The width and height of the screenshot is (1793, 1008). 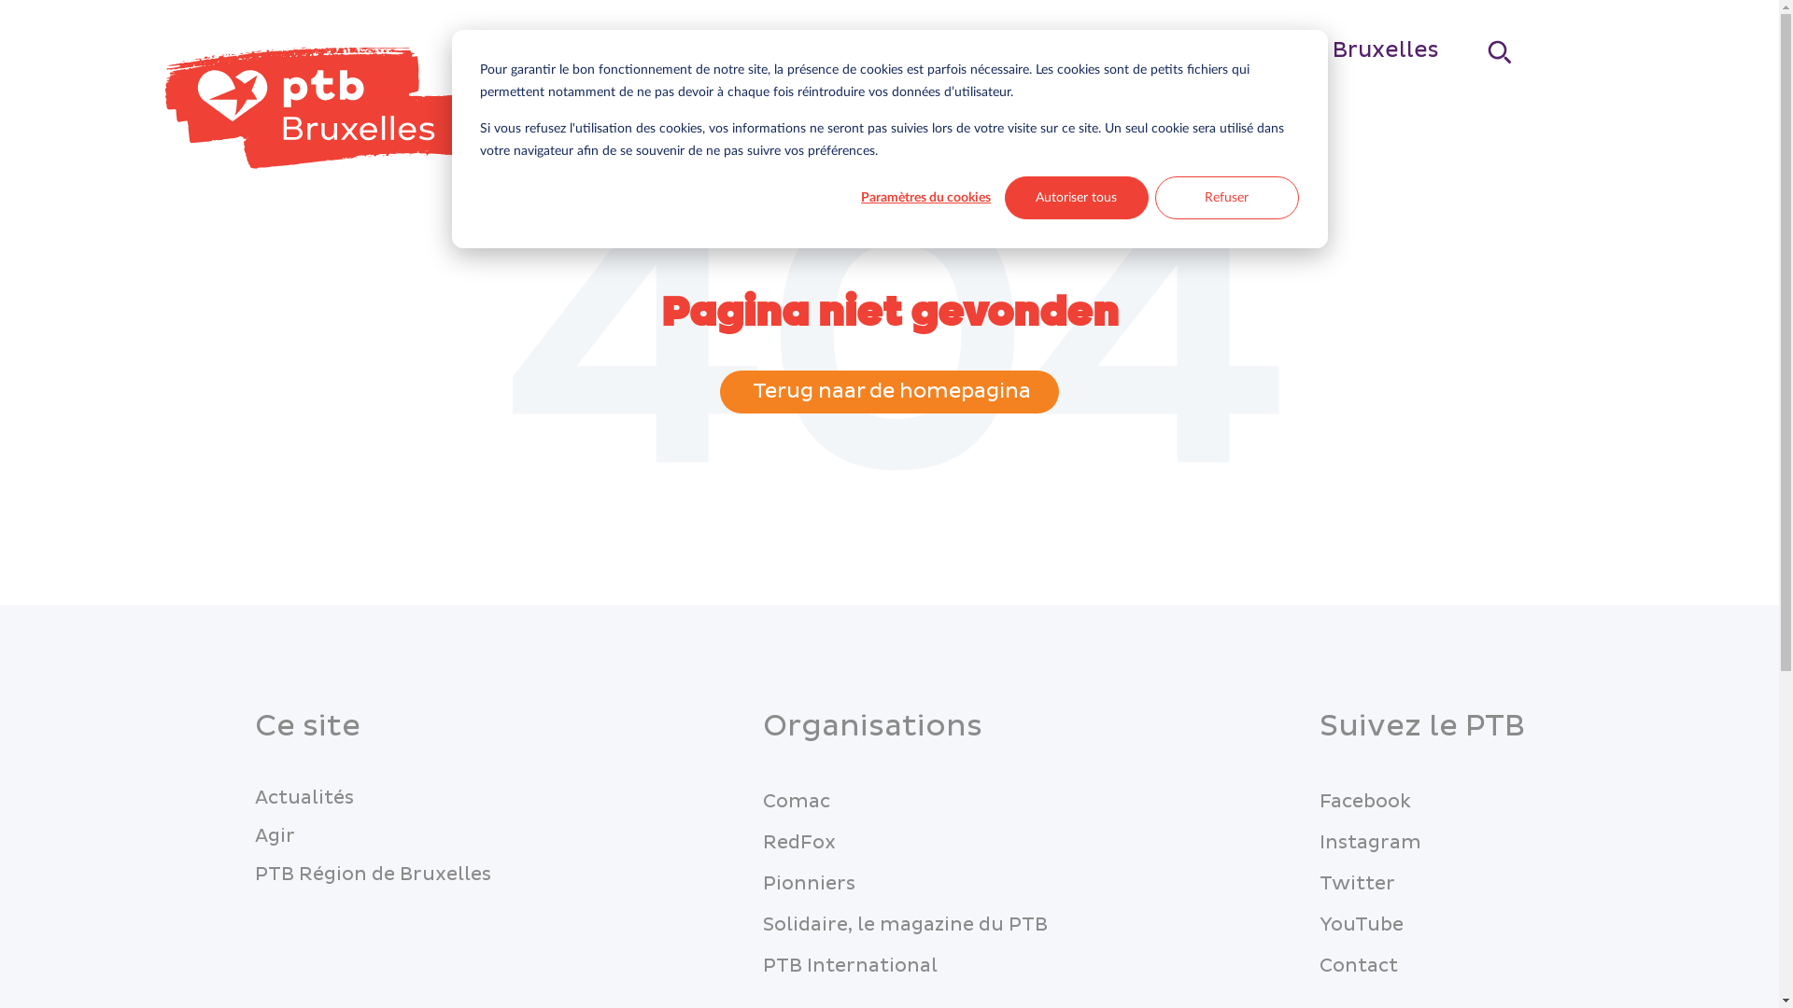 I want to click on 'Solidaire, le magazine du PTB', so click(x=904, y=925).